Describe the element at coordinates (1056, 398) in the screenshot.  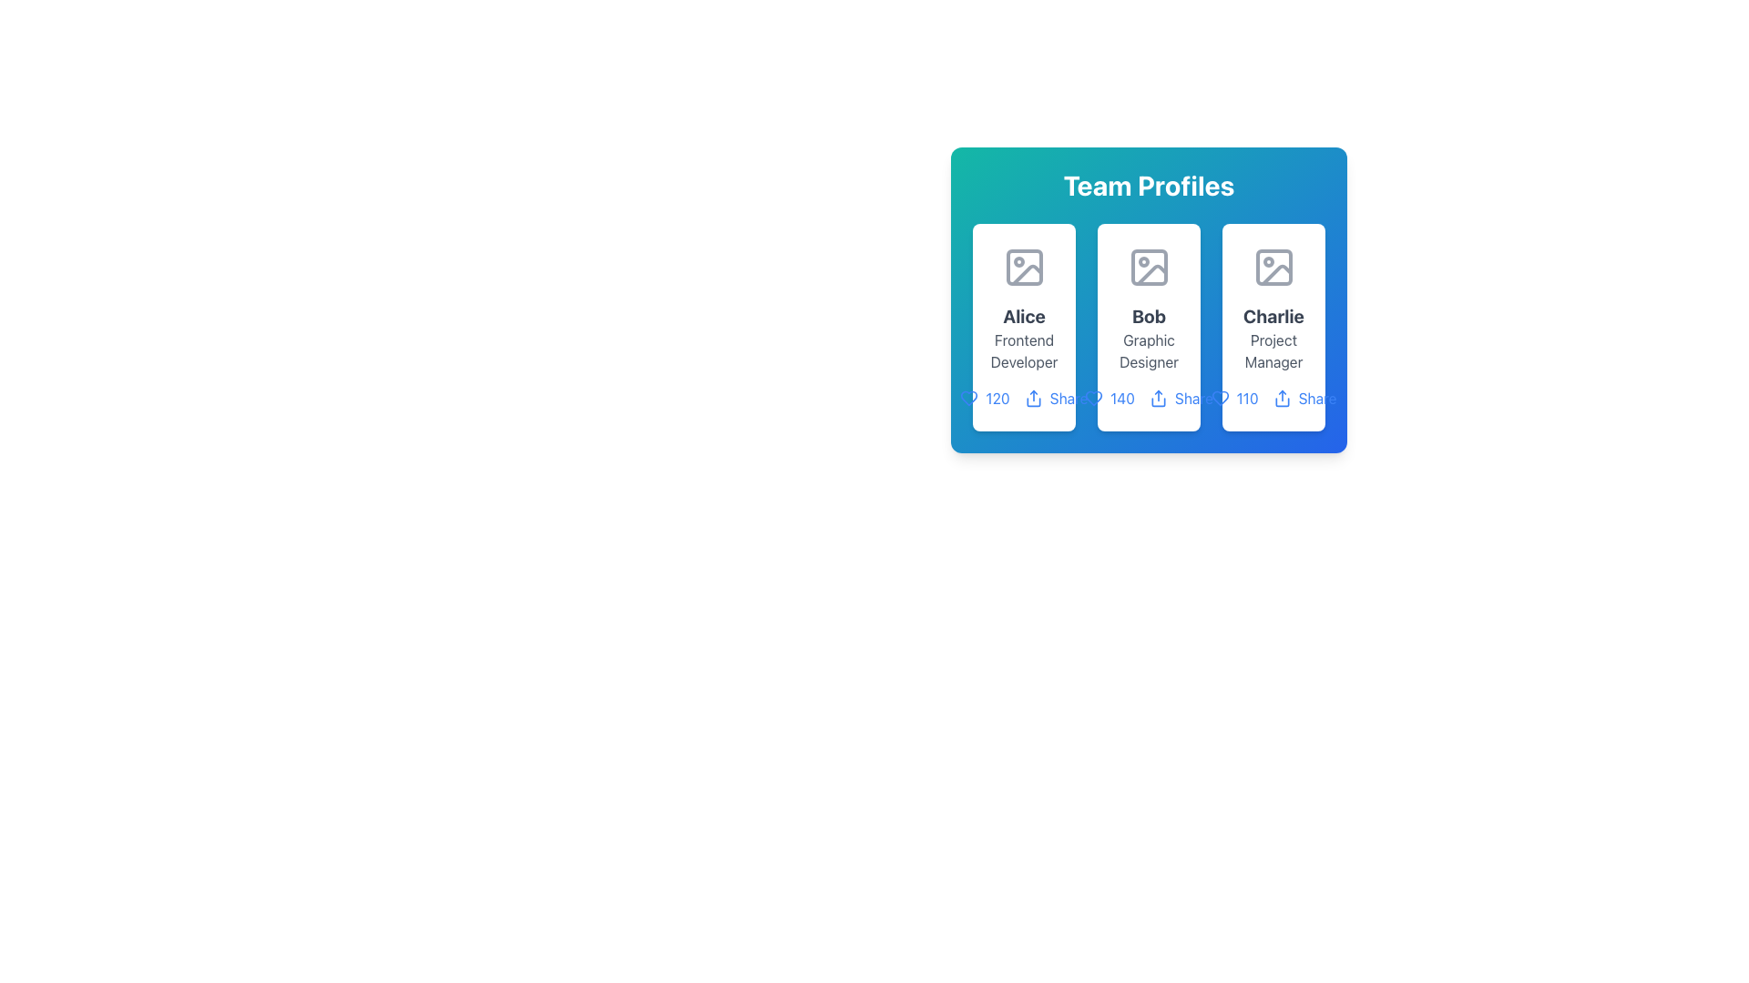
I see `the 'Share' button with a blue text label and an upward arrow icon located under the profile of 'Alice, Frontend Developer'` at that location.